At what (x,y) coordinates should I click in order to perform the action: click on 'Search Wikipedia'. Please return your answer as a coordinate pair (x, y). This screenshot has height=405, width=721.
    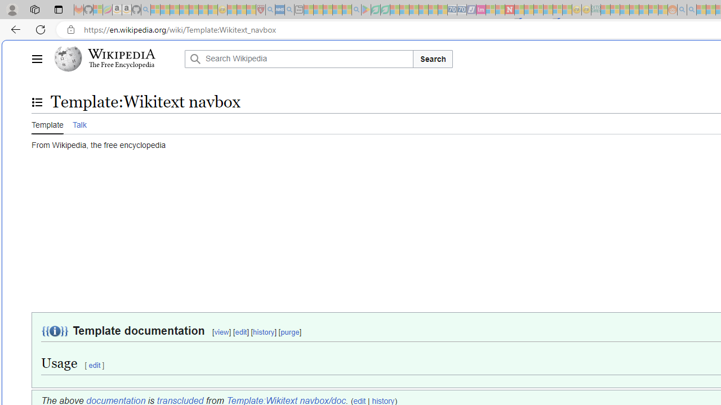
    Looking at the image, I should click on (299, 59).